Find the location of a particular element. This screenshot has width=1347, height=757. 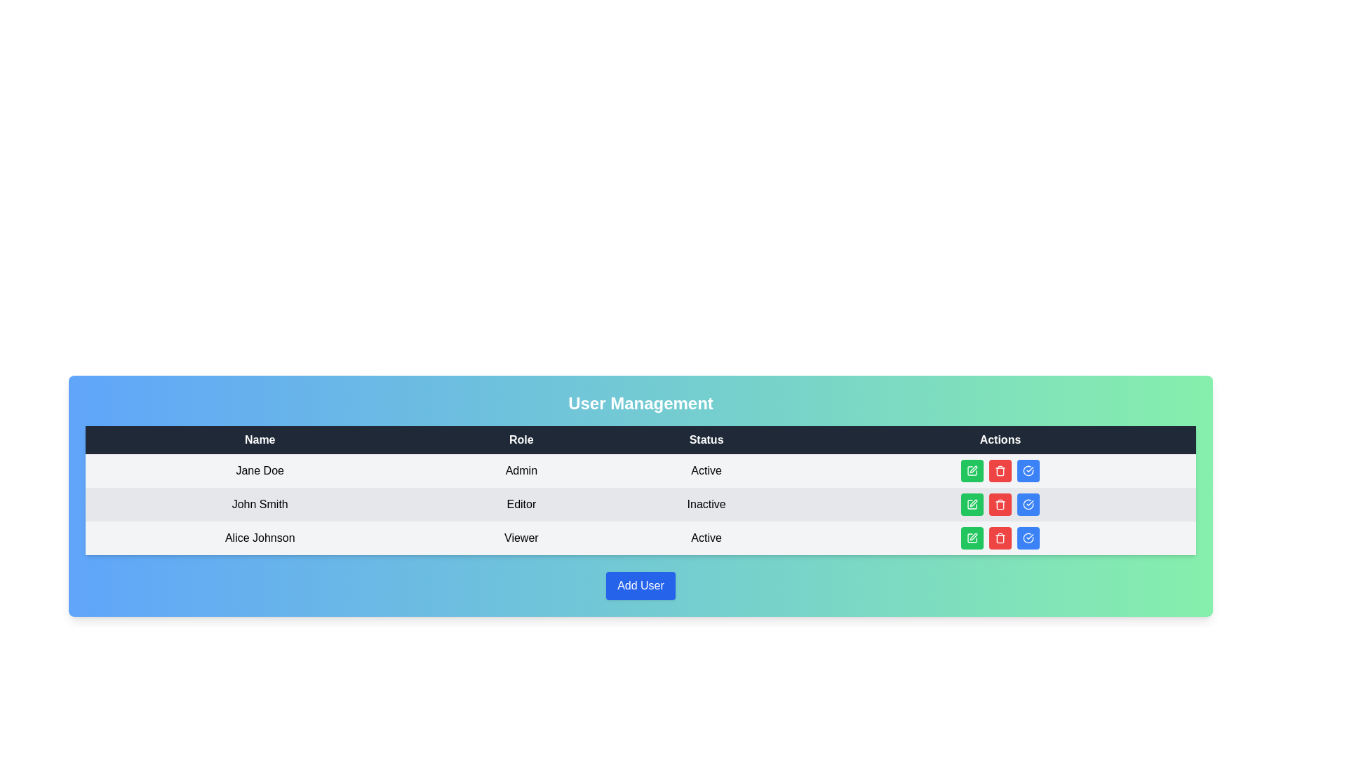

the action buttons in the last column of the third row associated with 'John Smith' in the 'User Management' interface to invoke their respective actions is located at coordinates (999, 505).